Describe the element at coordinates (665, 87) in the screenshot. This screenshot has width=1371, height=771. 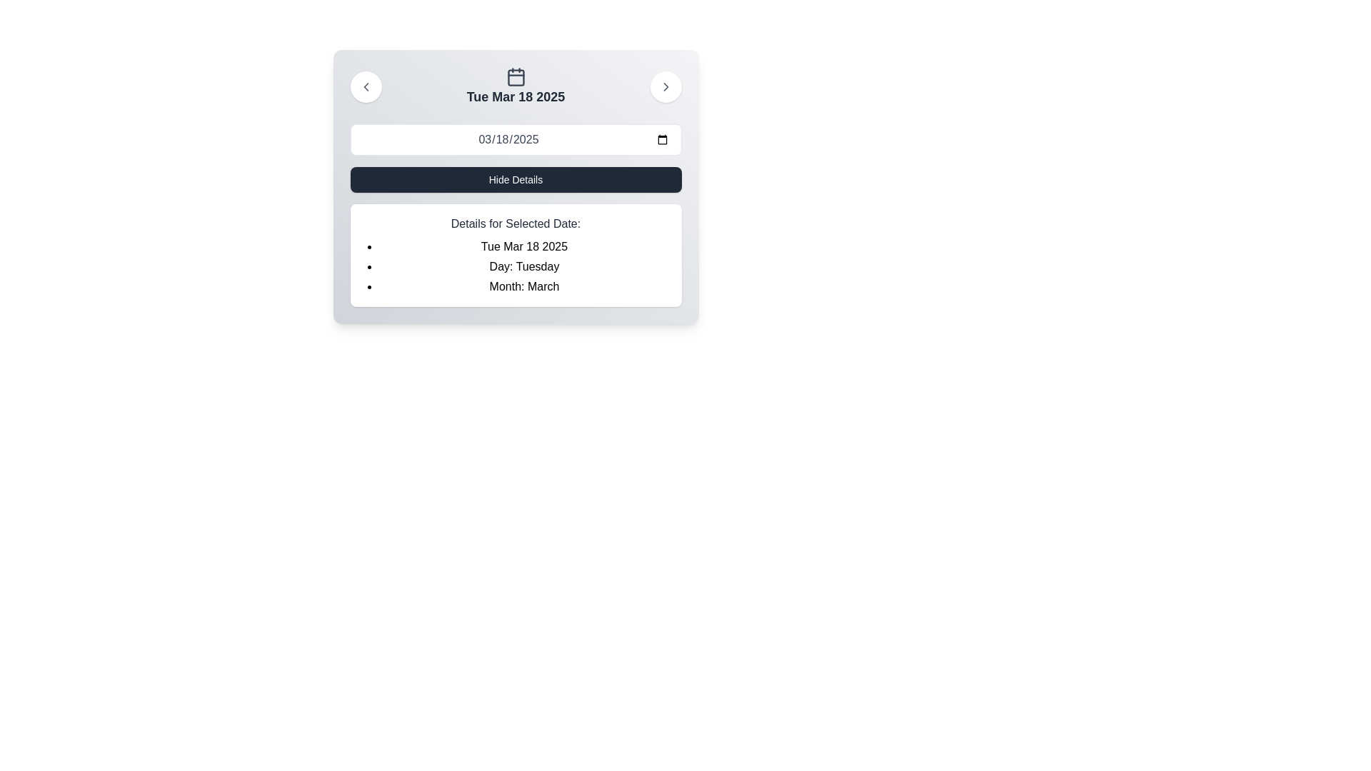
I see `the circular navigation button located in the upper-right section of the interface` at that location.